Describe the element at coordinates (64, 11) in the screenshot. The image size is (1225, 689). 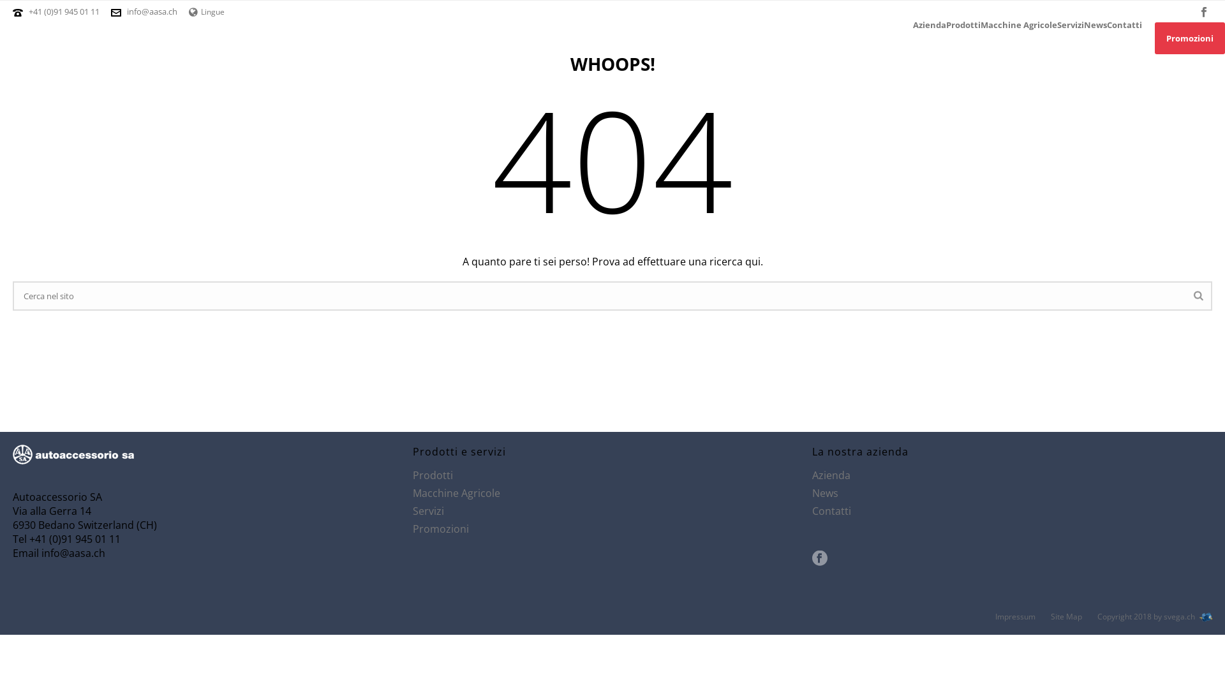
I see `'+41 (0)91 945 01 11'` at that location.